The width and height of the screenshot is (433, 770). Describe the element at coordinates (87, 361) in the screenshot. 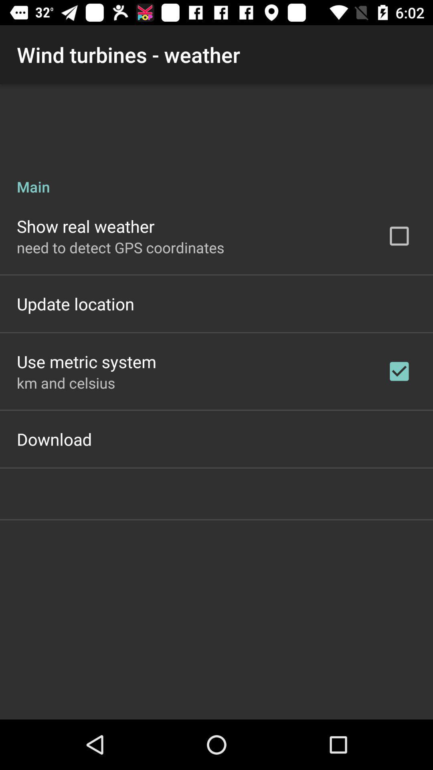

I see `the use metric system item` at that location.